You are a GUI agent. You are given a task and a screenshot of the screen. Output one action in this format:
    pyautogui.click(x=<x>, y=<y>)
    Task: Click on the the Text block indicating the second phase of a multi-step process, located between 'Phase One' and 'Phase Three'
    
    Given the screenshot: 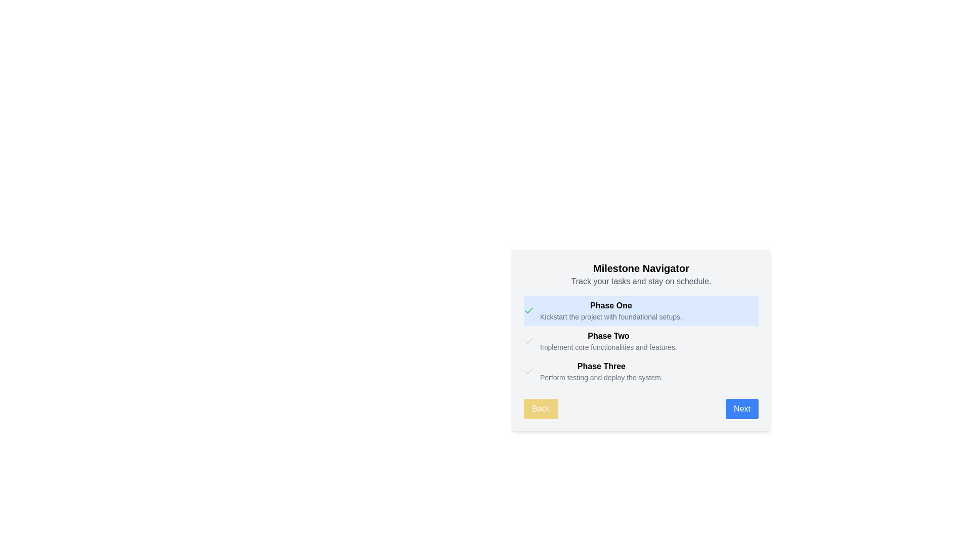 What is the action you would take?
    pyautogui.click(x=608, y=341)
    